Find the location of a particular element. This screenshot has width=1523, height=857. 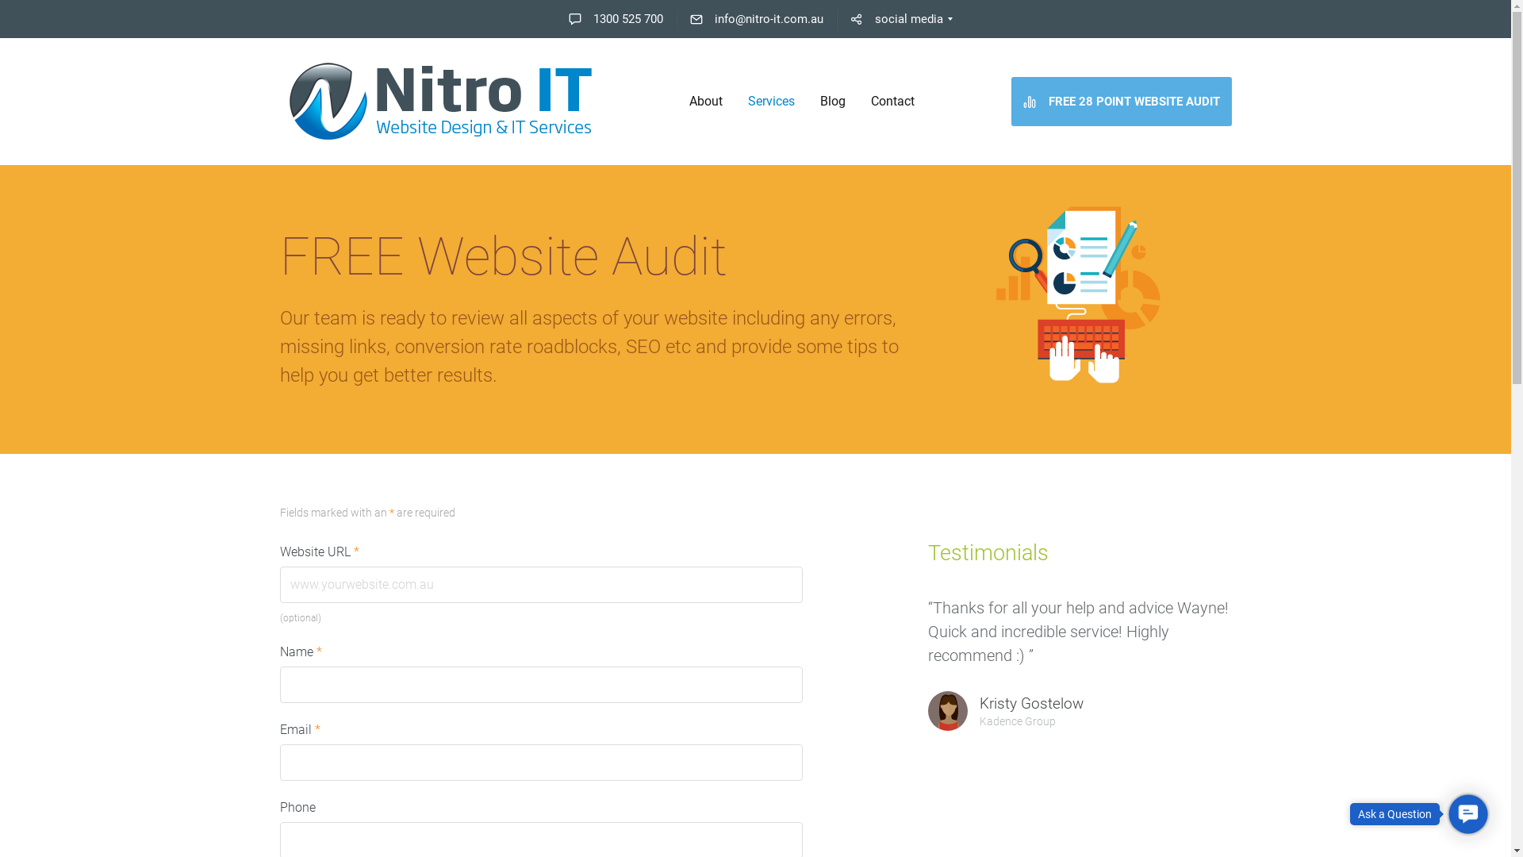

'social media' is located at coordinates (835, 18).